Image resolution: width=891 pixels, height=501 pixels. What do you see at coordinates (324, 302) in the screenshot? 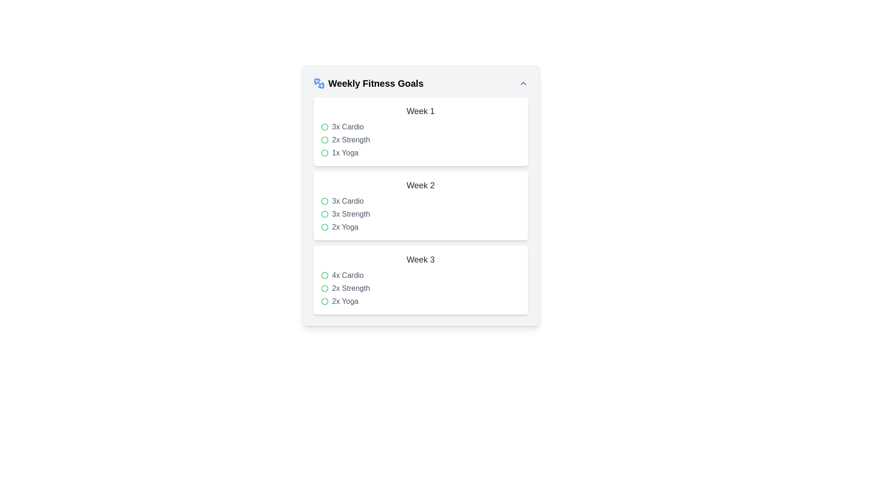
I see `the green circular icon with a hollow center located to the left of the text '2x Yoga' in the weekly goals list under 'Week 3' to change status or reveal information` at bounding box center [324, 302].